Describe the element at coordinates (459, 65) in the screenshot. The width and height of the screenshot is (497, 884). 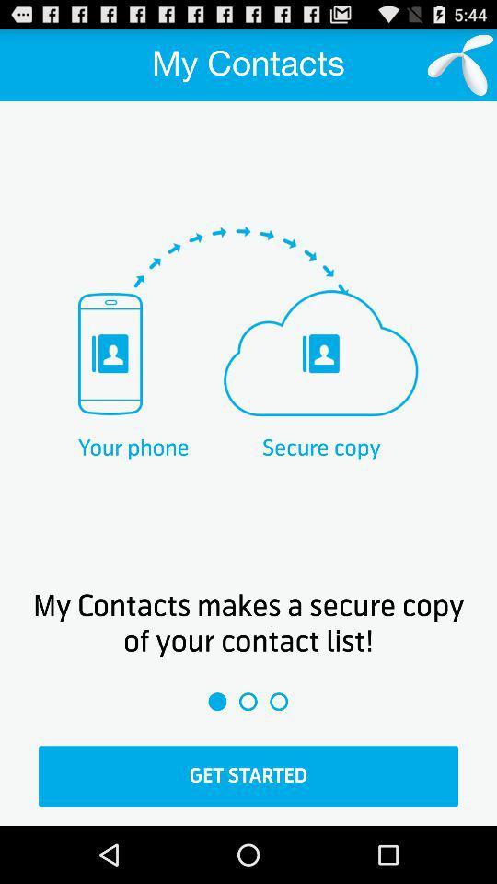
I see `the icon which is after  my contacts  on page` at that location.